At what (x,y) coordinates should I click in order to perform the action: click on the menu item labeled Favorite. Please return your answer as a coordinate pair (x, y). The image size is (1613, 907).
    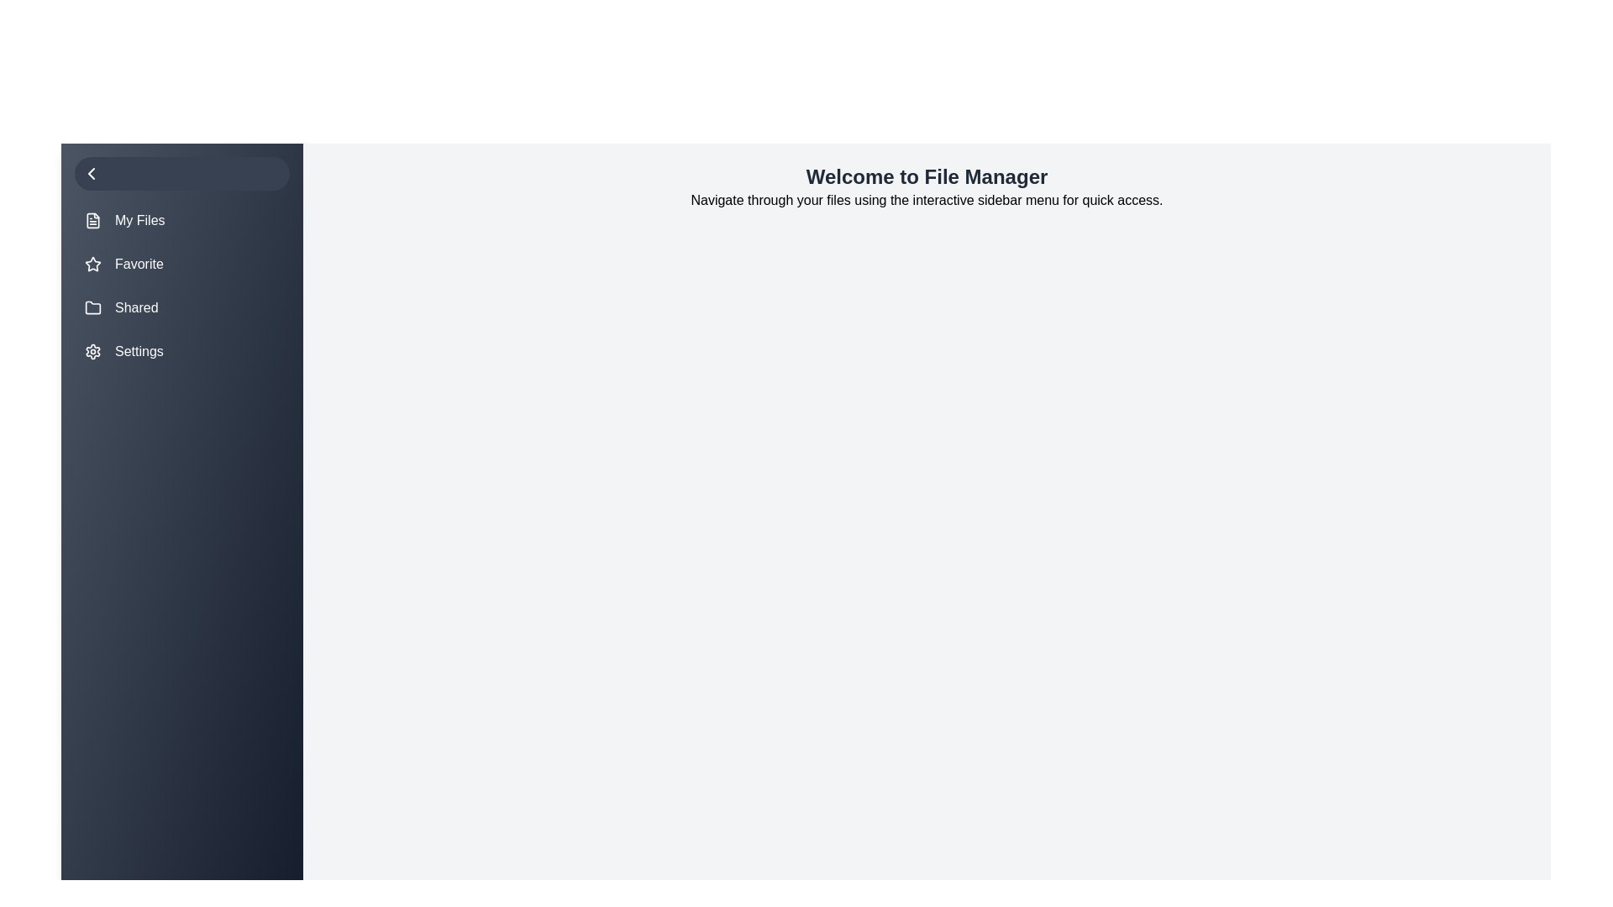
    Looking at the image, I should click on (181, 265).